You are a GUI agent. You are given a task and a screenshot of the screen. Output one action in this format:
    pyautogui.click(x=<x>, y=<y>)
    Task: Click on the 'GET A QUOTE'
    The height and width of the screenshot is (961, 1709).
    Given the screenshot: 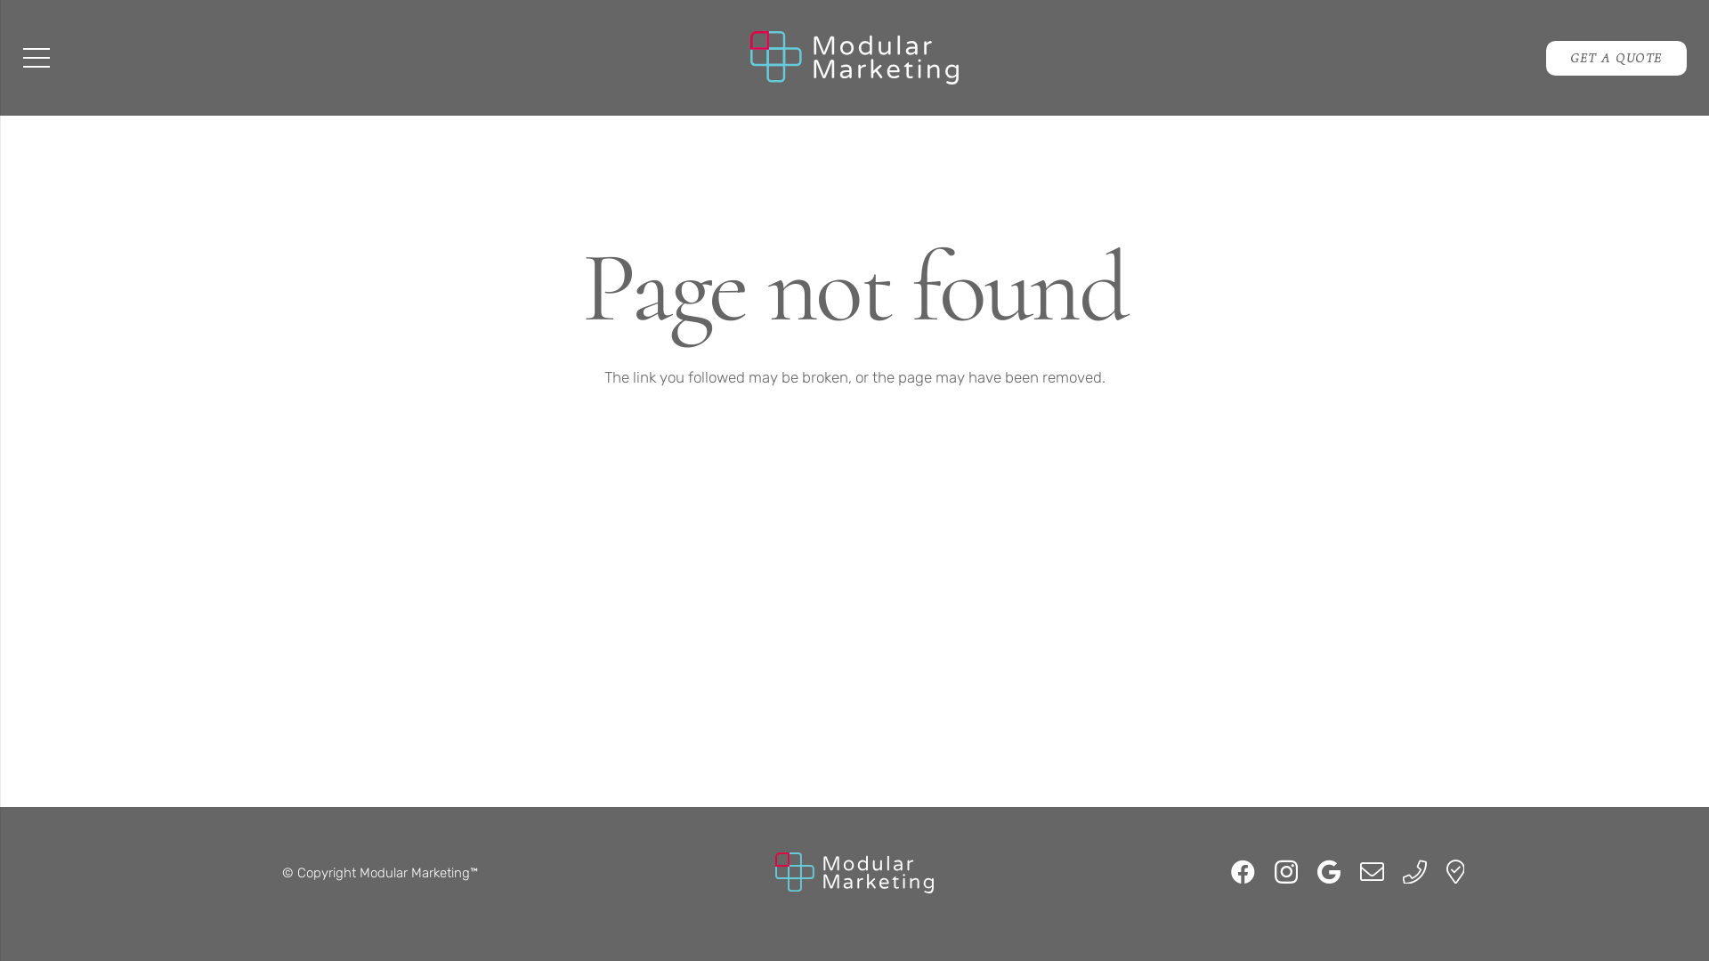 What is the action you would take?
    pyautogui.click(x=1616, y=57)
    